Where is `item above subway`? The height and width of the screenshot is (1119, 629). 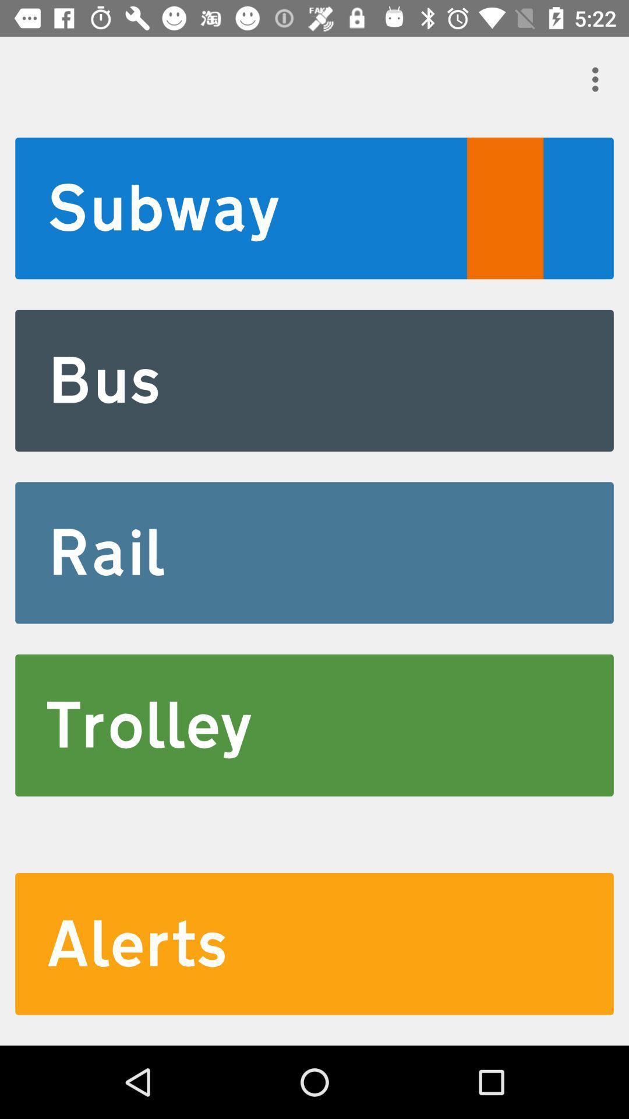 item above subway is located at coordinates (598, 79).